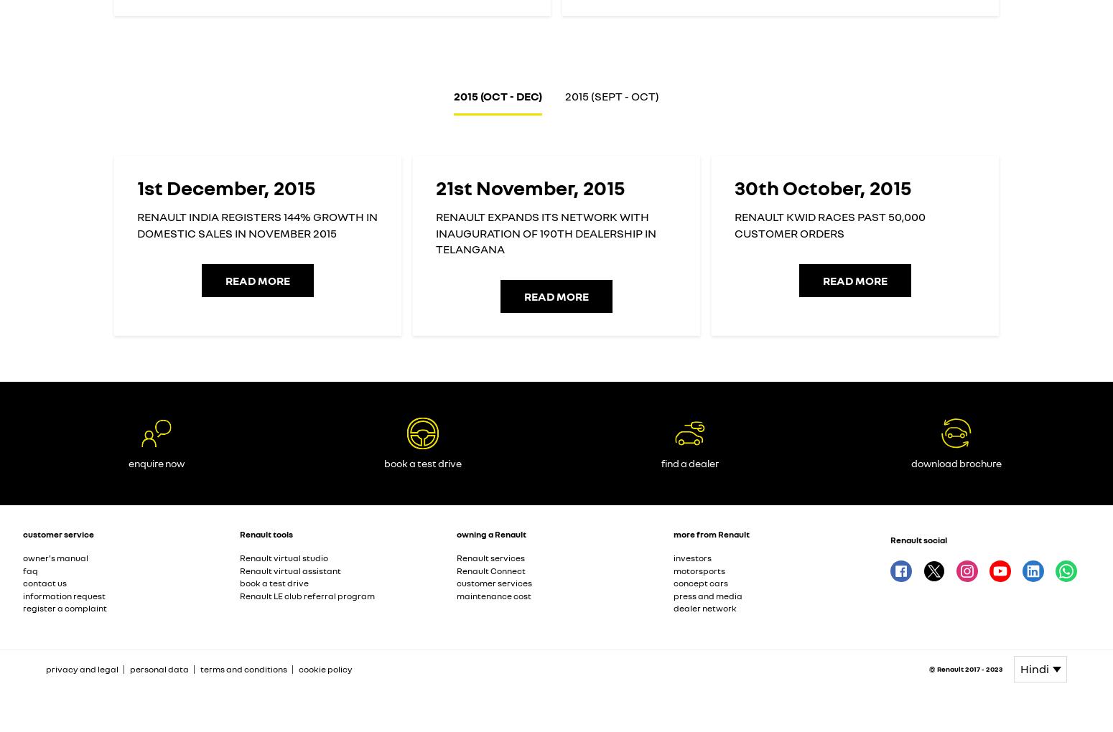  Describe the element at coordinates (700, 583) in the screenshot. I see `'concept cars'` at that location.